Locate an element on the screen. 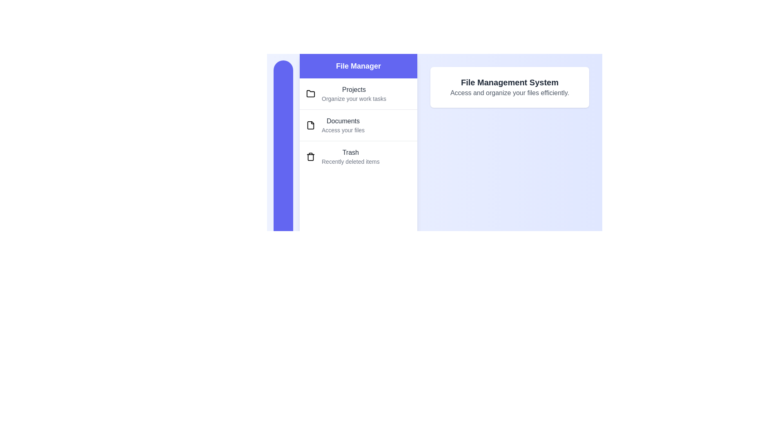  the main content area to focus on it is located at coordinates (509, 87).